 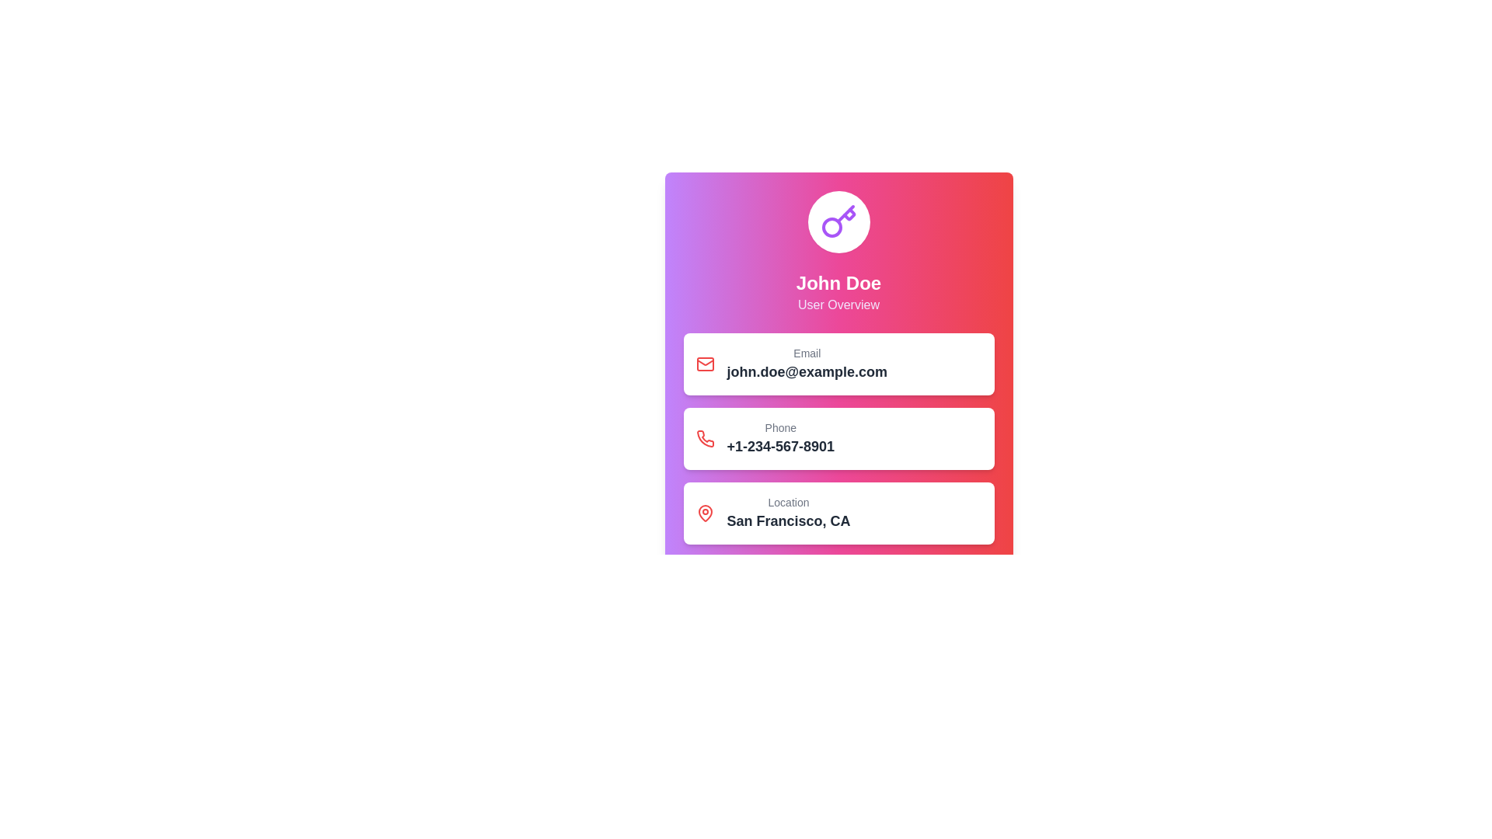 What do you see at coordinates (780, 446) in the screenshot?
I see `the static text element displaying the phone number located in the 'Phone' section of the user profile interface to potentially reveal additional information` at bounding box center [780, 446].